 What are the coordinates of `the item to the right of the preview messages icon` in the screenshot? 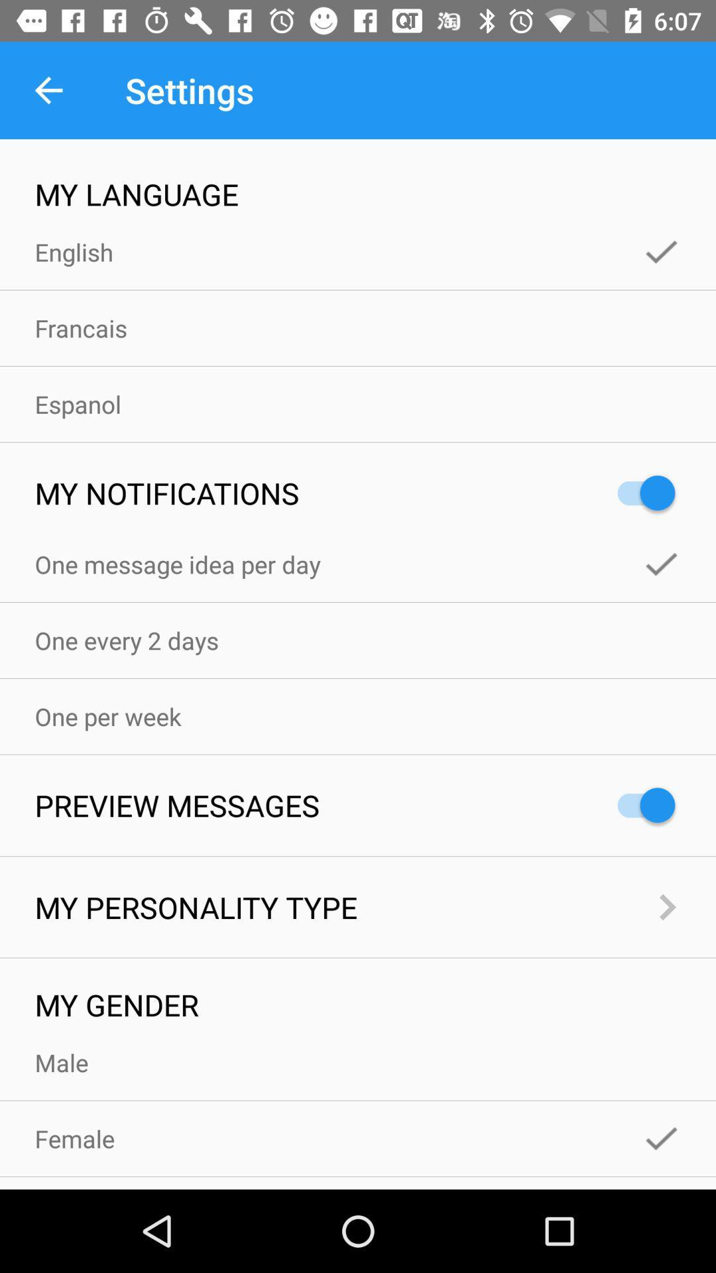 It's located at (639, 804).